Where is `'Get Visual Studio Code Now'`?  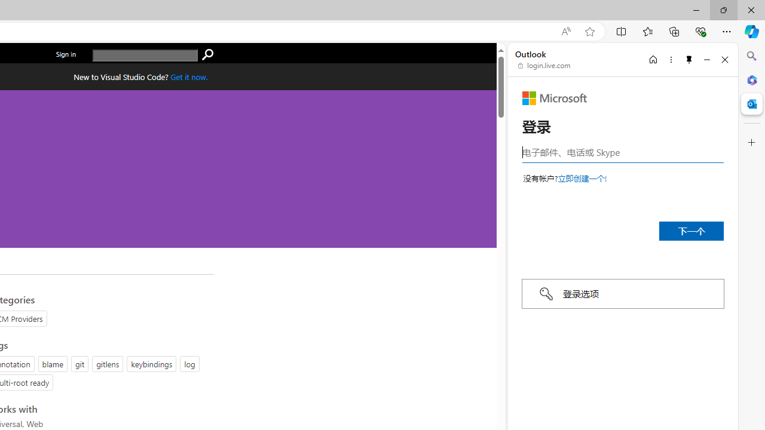 'Get Visual Studio Code Now' is located at coordinates (188, 76).